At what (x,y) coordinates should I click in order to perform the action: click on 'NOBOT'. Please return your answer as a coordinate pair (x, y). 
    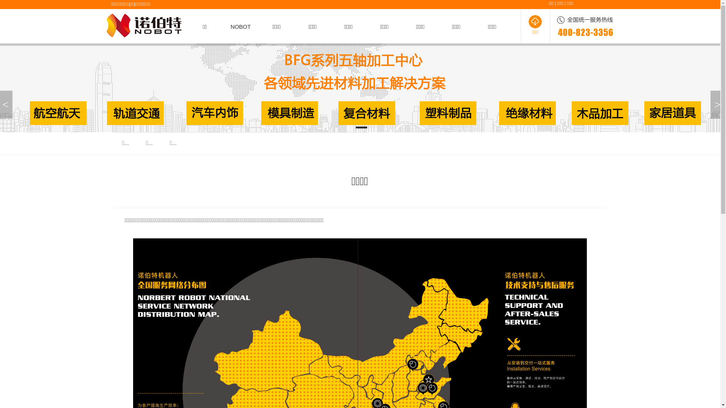
    Looking at the image, I should click on (240, 26).